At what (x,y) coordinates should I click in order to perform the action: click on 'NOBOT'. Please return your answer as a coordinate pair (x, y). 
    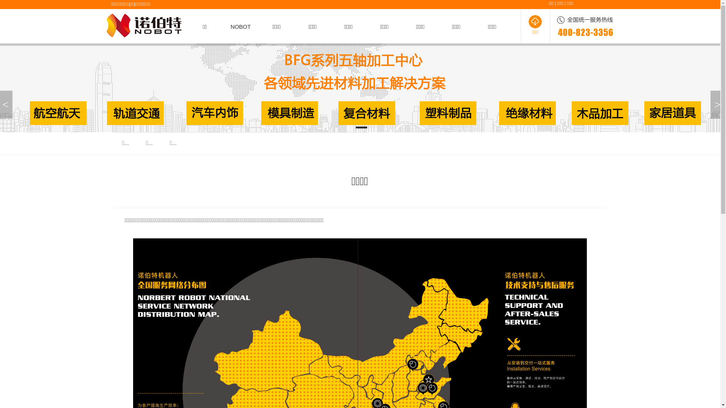
    Looking at the image, I should click on (240, 26).